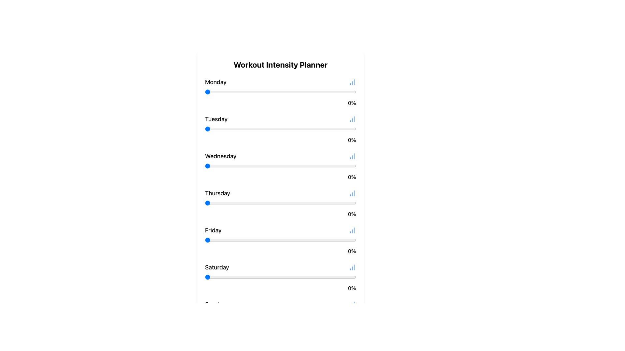  What do you see at coordinates (284, 92) in the screenshot?
I see `the workout intensity for Monday` at bounding box center [284, 92].